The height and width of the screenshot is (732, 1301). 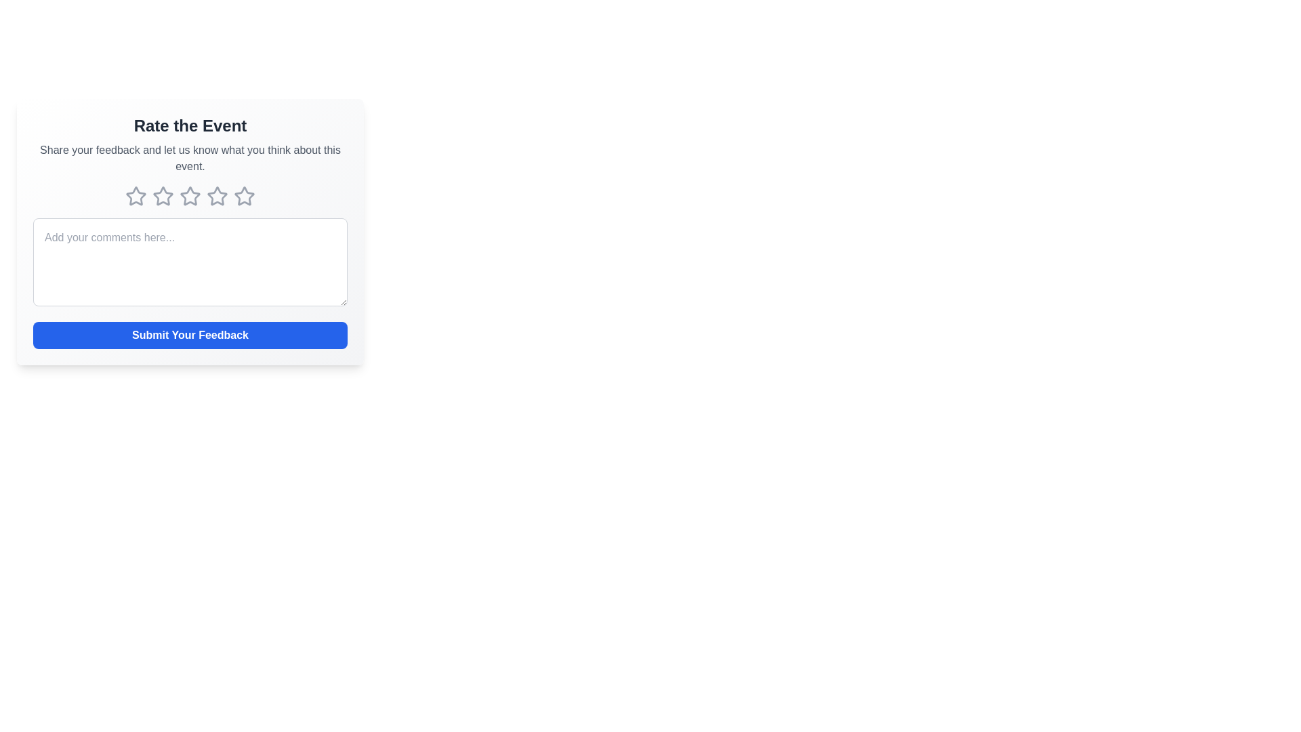 I want to click on one of the star icons in the star rating component to set a rating, located below the feedback text and above the comment box, so click(x=190, y=196).